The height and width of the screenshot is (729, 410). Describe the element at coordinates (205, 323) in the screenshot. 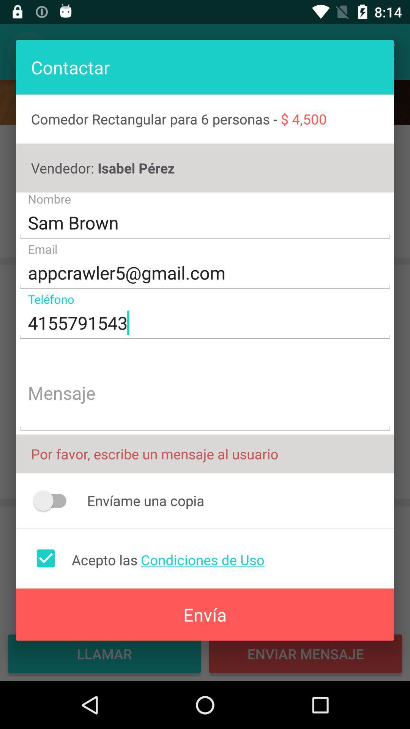

I see `the 4155791543` at that location.